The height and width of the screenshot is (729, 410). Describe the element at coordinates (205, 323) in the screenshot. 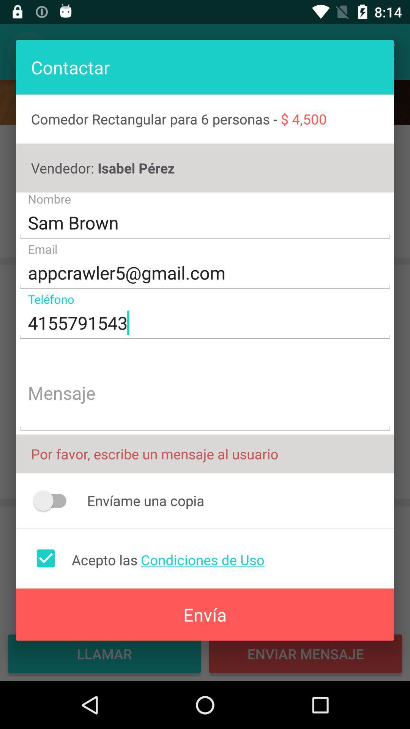

I see `the 4155791543` at that location.